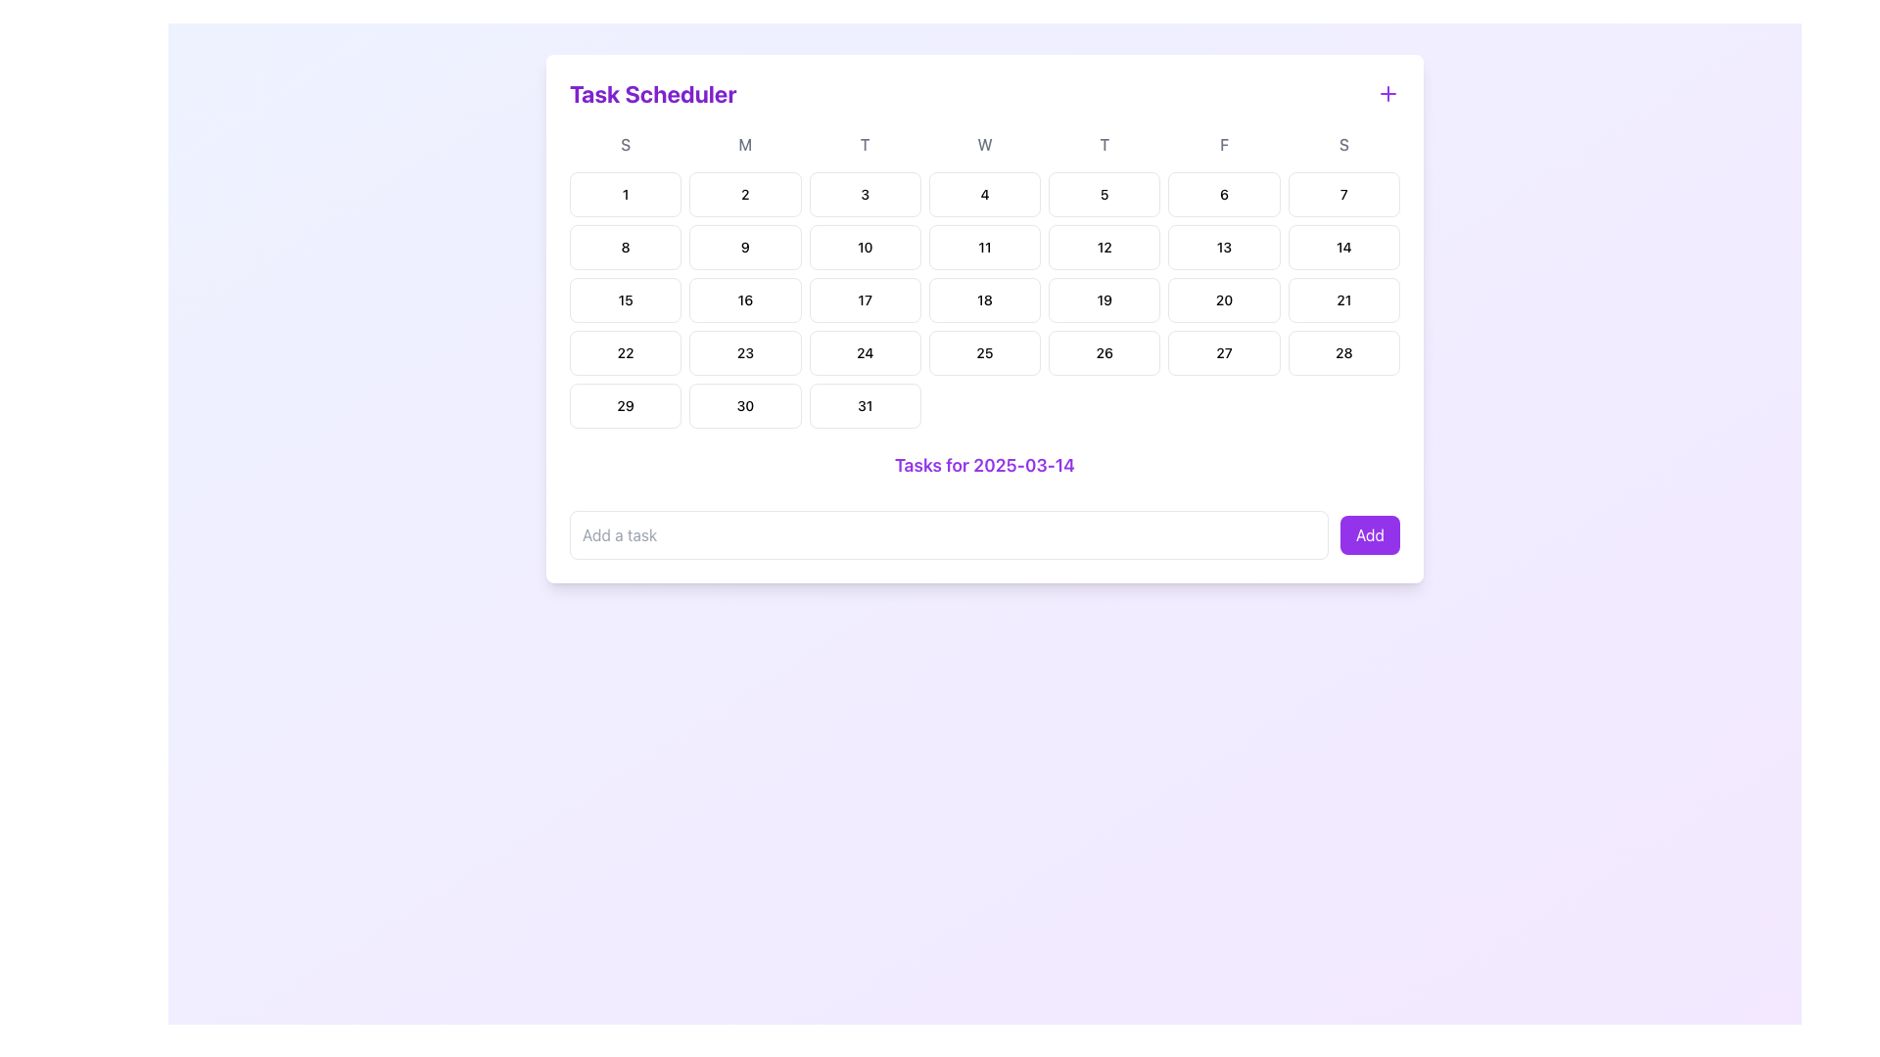 The height and width of the screenshot is (1057, 1880). Describe the element at coordinates (985, 195) in the screenshot. I see `the button labeled '4' in the calendar interface` at that location.